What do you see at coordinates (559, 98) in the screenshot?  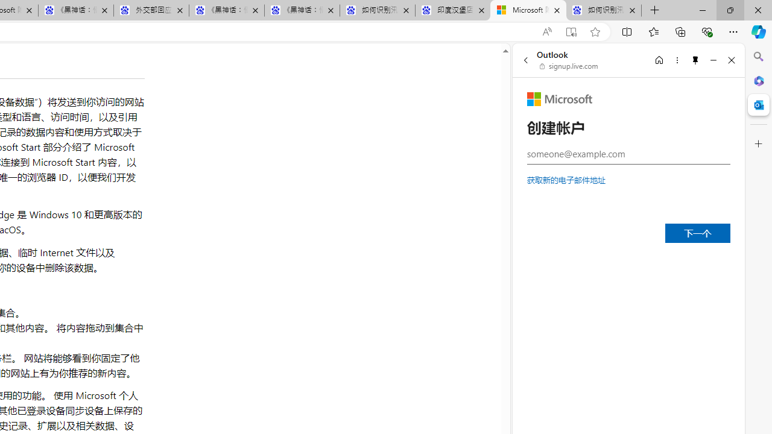 I see `'Microsoft'` at bounding box center [559, 98].